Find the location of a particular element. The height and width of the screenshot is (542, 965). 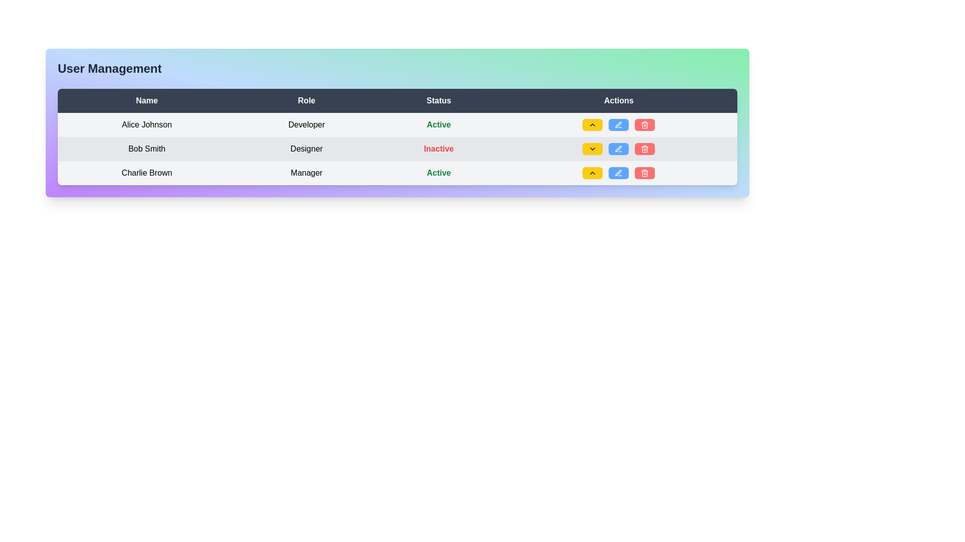

the delete icon button located in the 'Actions' column of the second table row is located at coordinates (645, 124).